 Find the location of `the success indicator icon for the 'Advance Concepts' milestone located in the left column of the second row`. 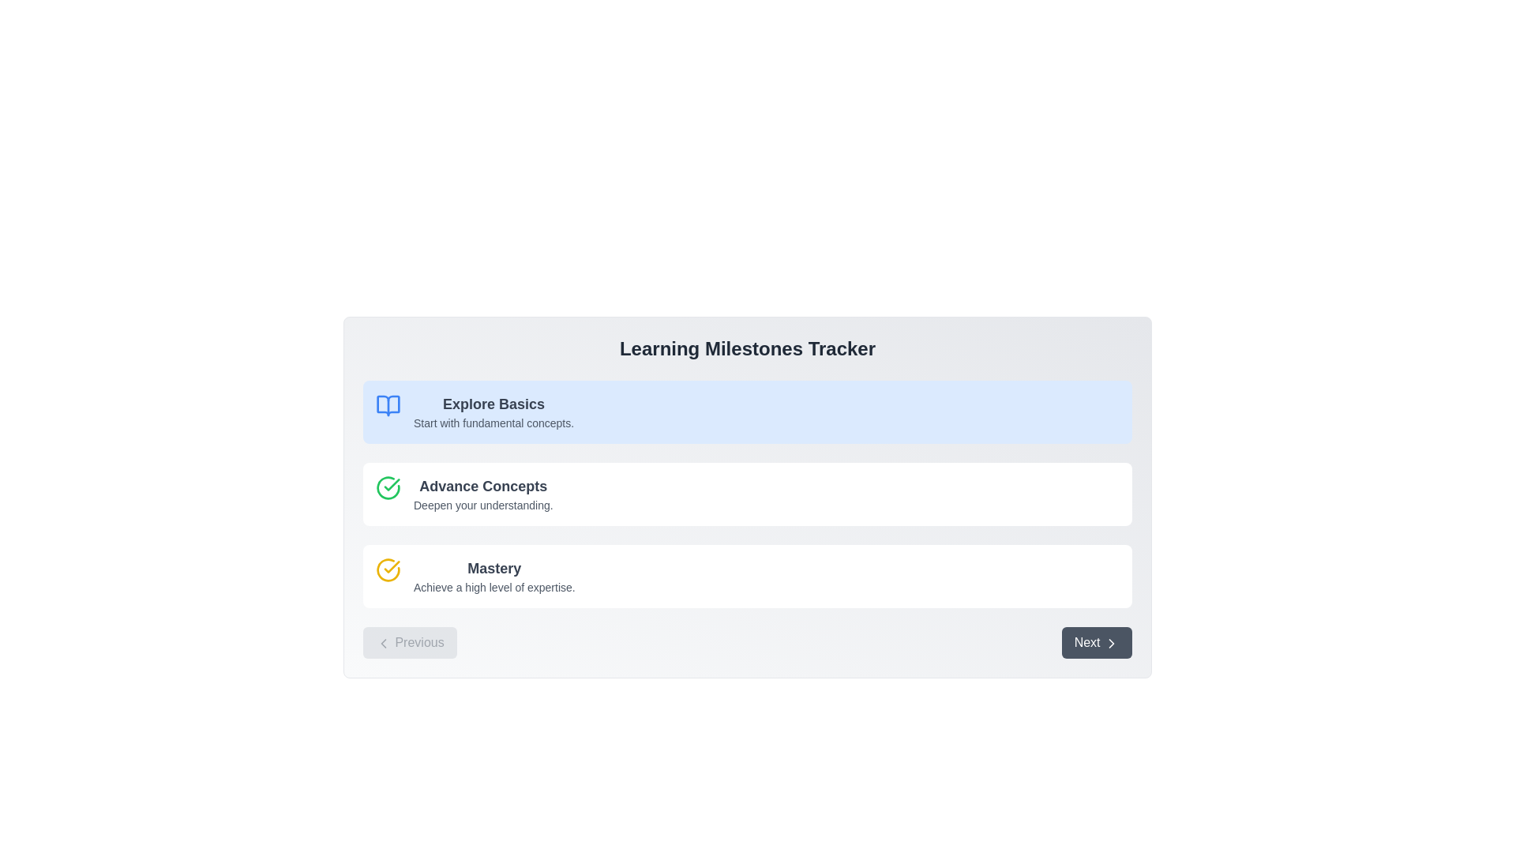

the success indicator icon for the 'Advance Concepts' milestone located in the left column of the second row is located at coordinates (388, 487).